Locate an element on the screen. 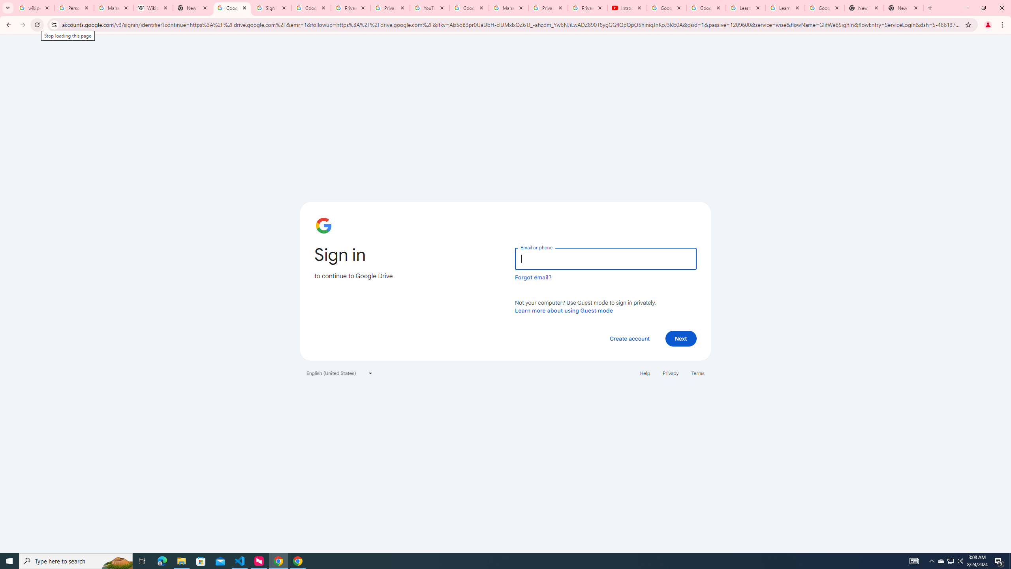  'New Tab' is located at coordinates (864, 8).